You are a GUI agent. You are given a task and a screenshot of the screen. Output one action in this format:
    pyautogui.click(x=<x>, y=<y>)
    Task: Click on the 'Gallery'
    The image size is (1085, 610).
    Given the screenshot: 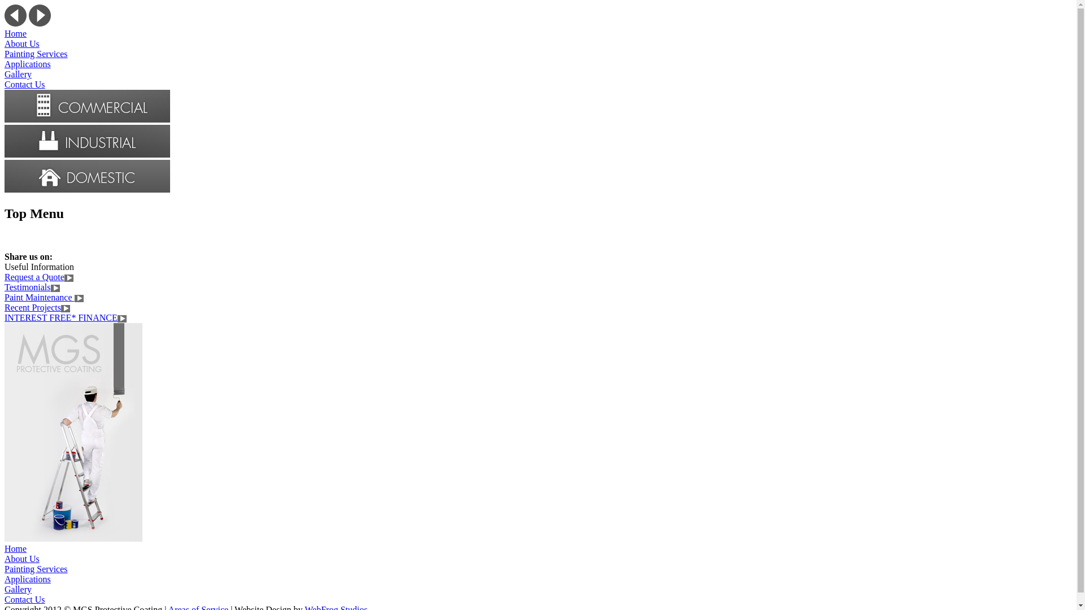 What is the action you would take?
    pyautogui.click(x=18, y=74)
    